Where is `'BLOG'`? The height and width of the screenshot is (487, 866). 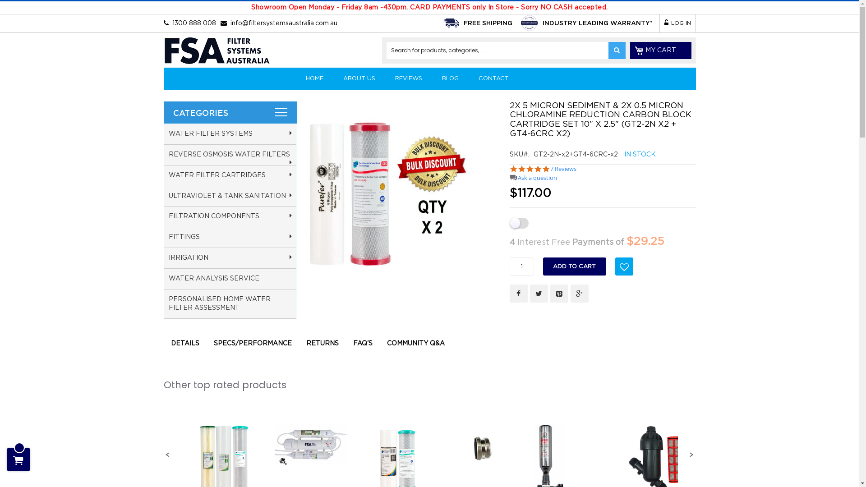 'BLOG' is located at coordinates (450, 78).